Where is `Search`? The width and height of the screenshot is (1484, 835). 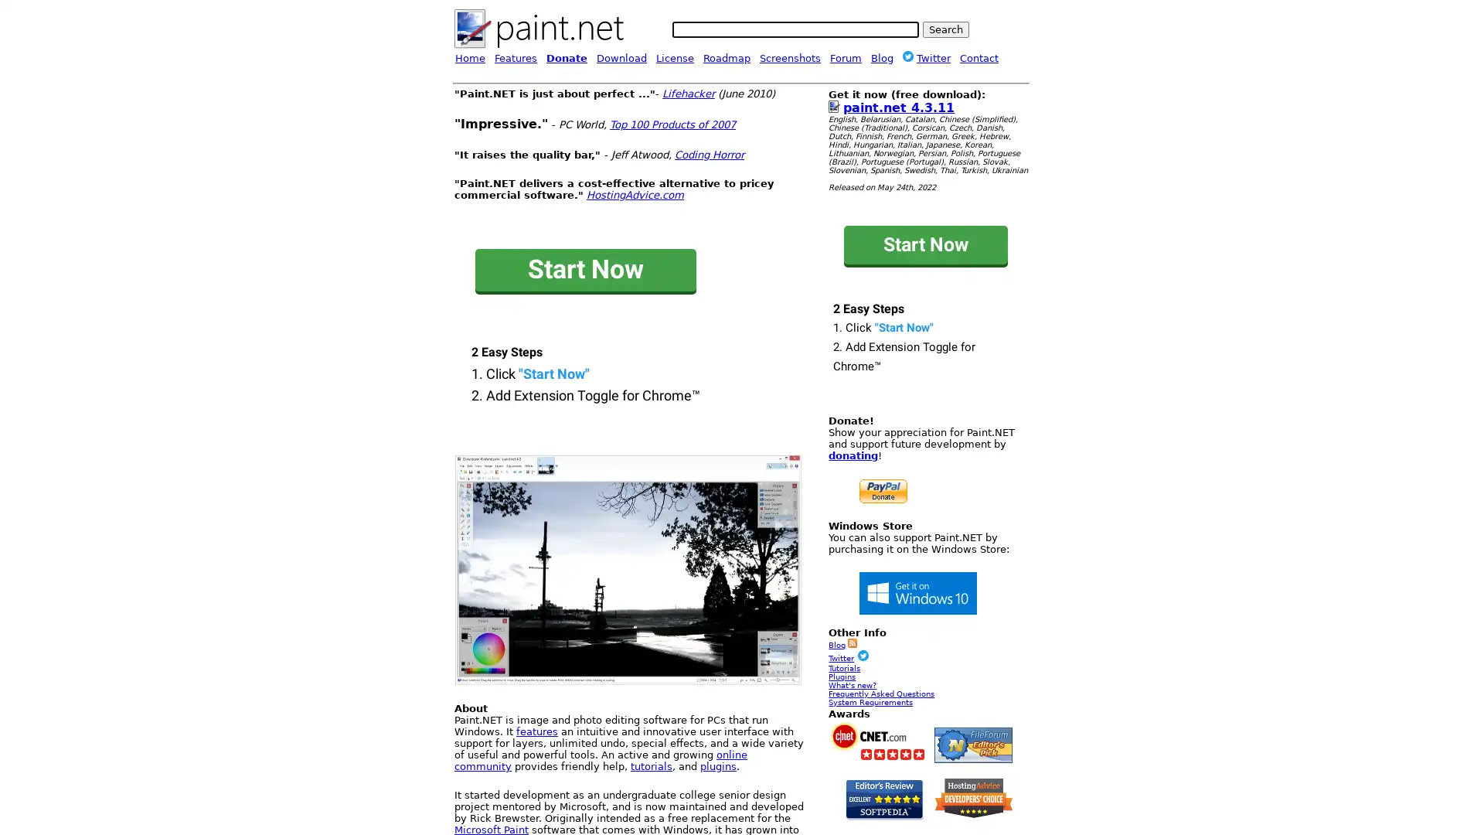
Search is located at coordinates (945, 29).